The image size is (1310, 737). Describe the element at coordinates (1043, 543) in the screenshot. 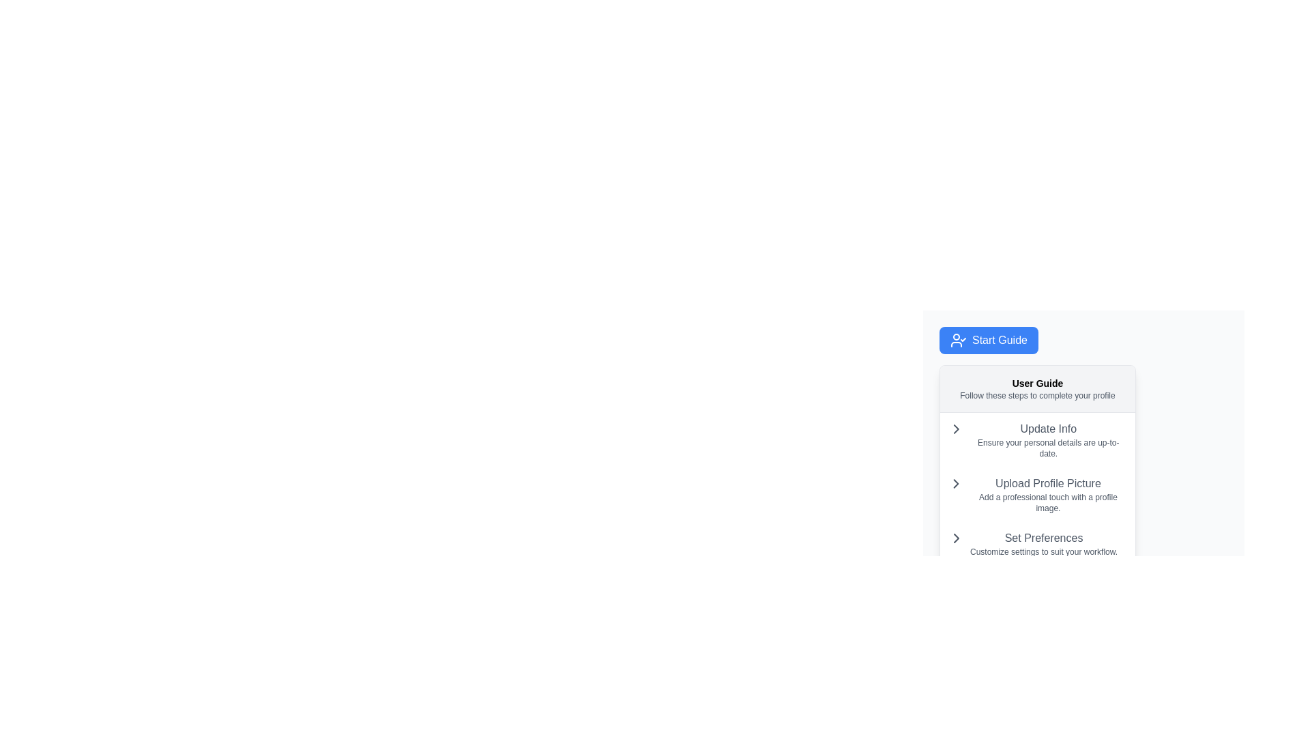

I see `the information provided in the text label that serves as a section header or label, located towards the lower part of the panel and is the third item in a vertical list` at that location.